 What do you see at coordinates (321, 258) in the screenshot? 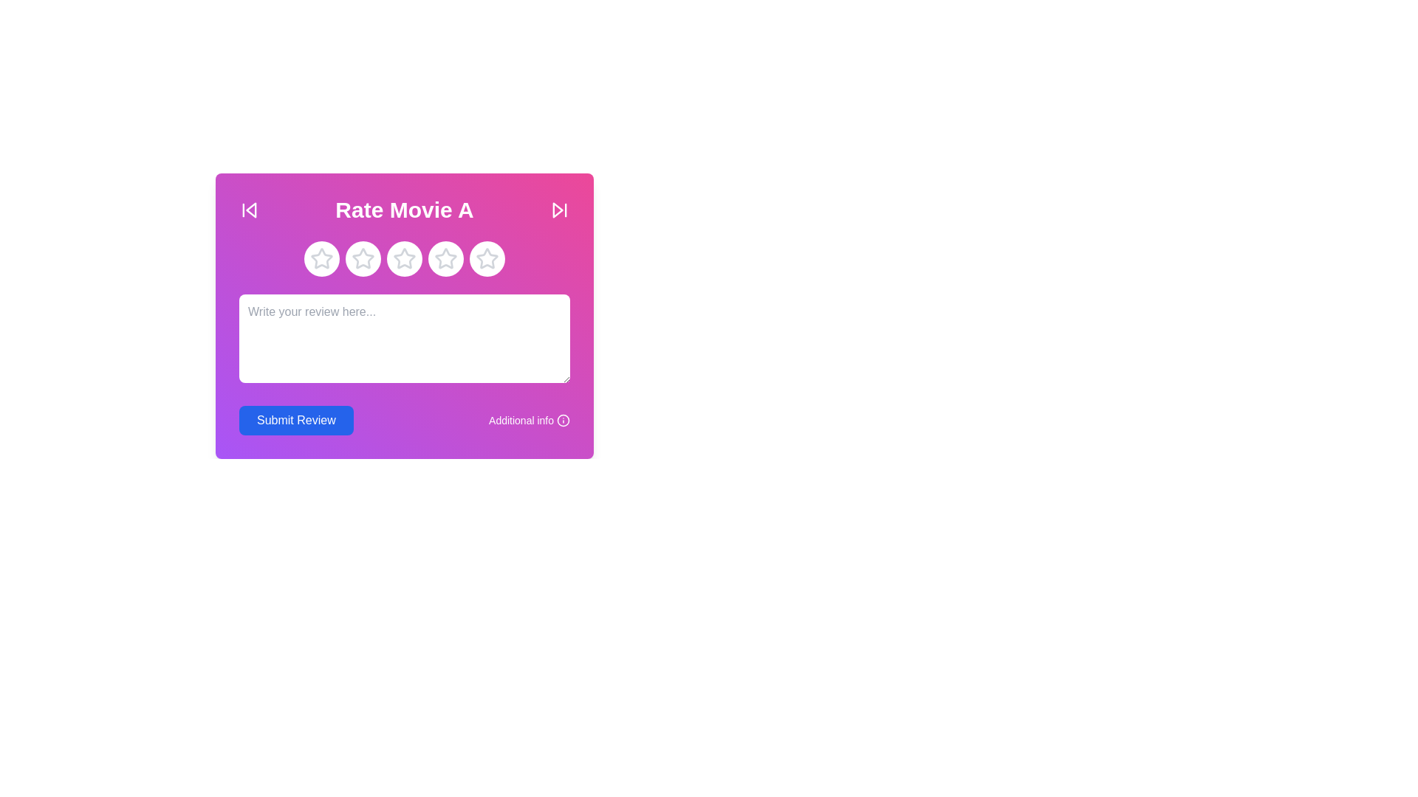
I see `the first star icon in the movie rating system` at bounding box center [321, 258].